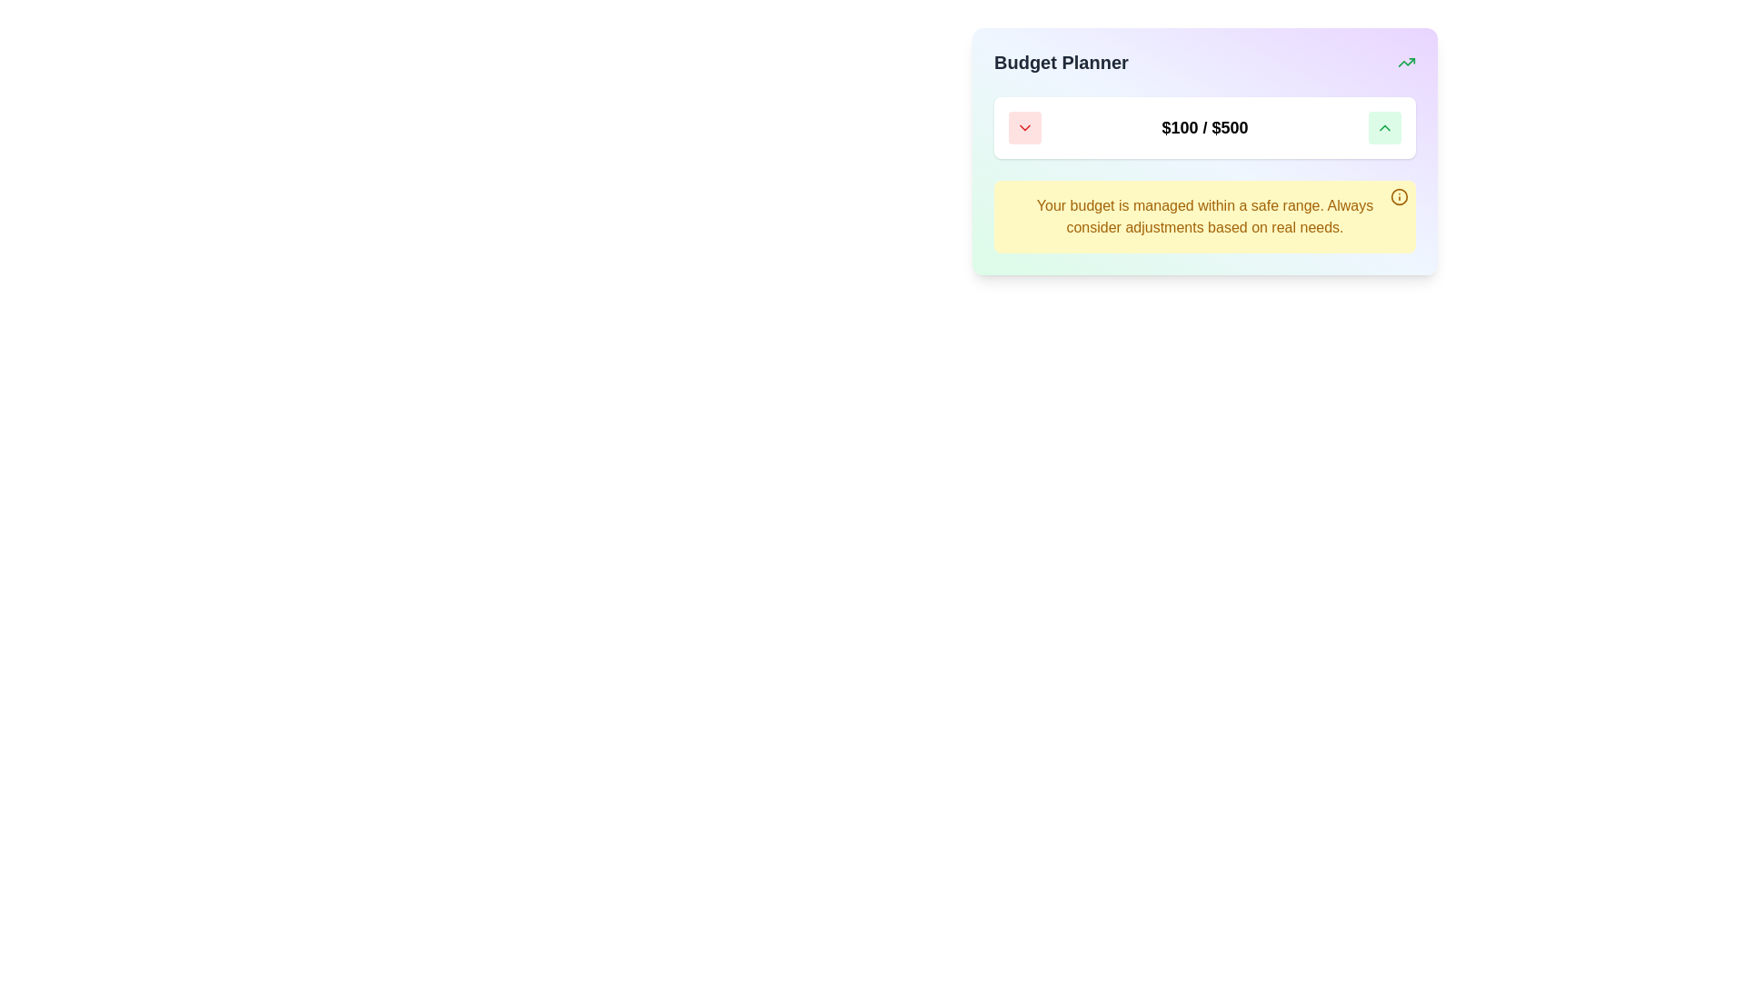 The width and height of the screenshot is (1745, 981). I want to click on the informational text label regarding budget safety and adjustment suggestions located in the yellow highlighted area below the budget range display ('$100 / $500') on the 'Budget Planner' card, so click(1204, 216).